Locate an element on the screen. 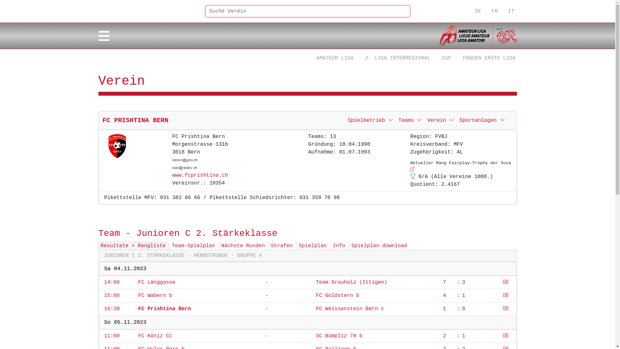  'AL / LA' is located at coordinates (478, 36).